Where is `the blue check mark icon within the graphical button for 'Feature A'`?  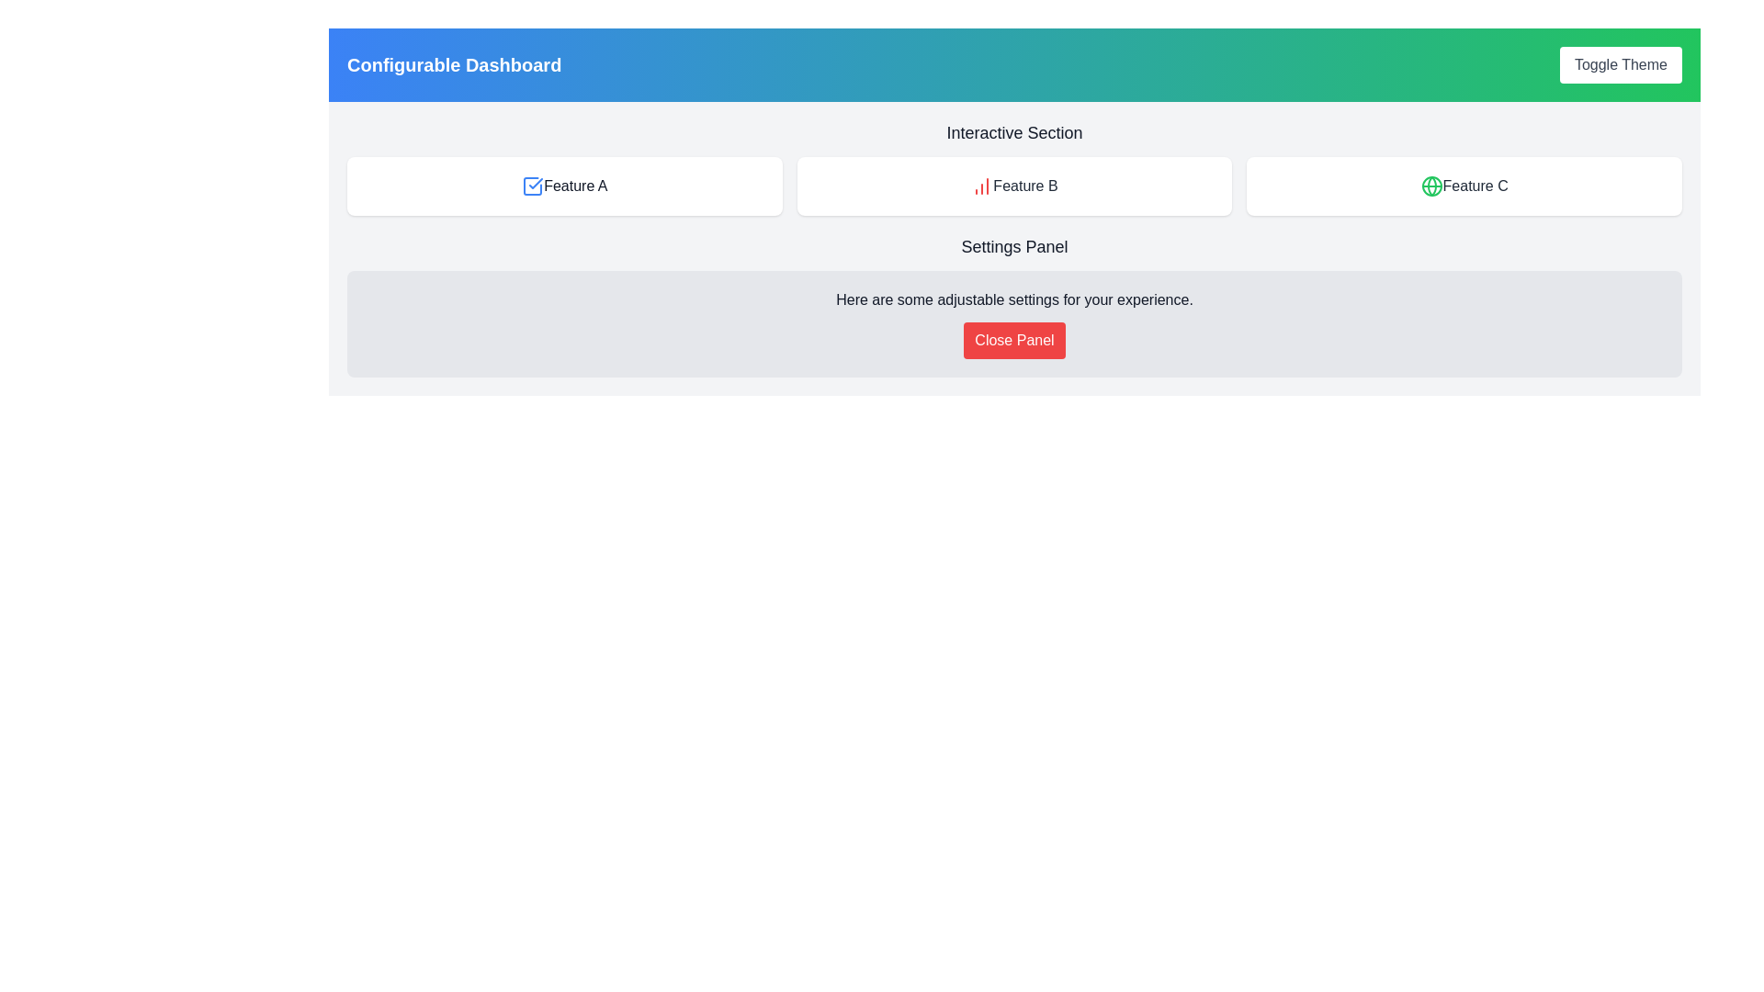
the blue check mark icon within the graphical button for 'Feature A' is located at coordinates (535, 184).